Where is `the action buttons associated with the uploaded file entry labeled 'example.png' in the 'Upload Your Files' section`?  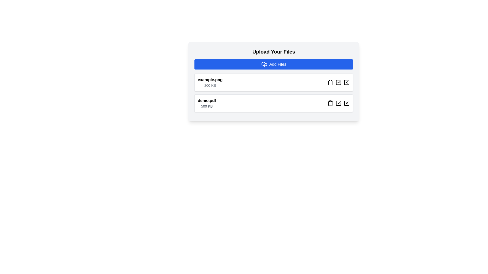
the action buttons associated with the uploaded file entry labeled 'example.png' in the 'Upload Your Files' section is located at coordinates (273, 93).